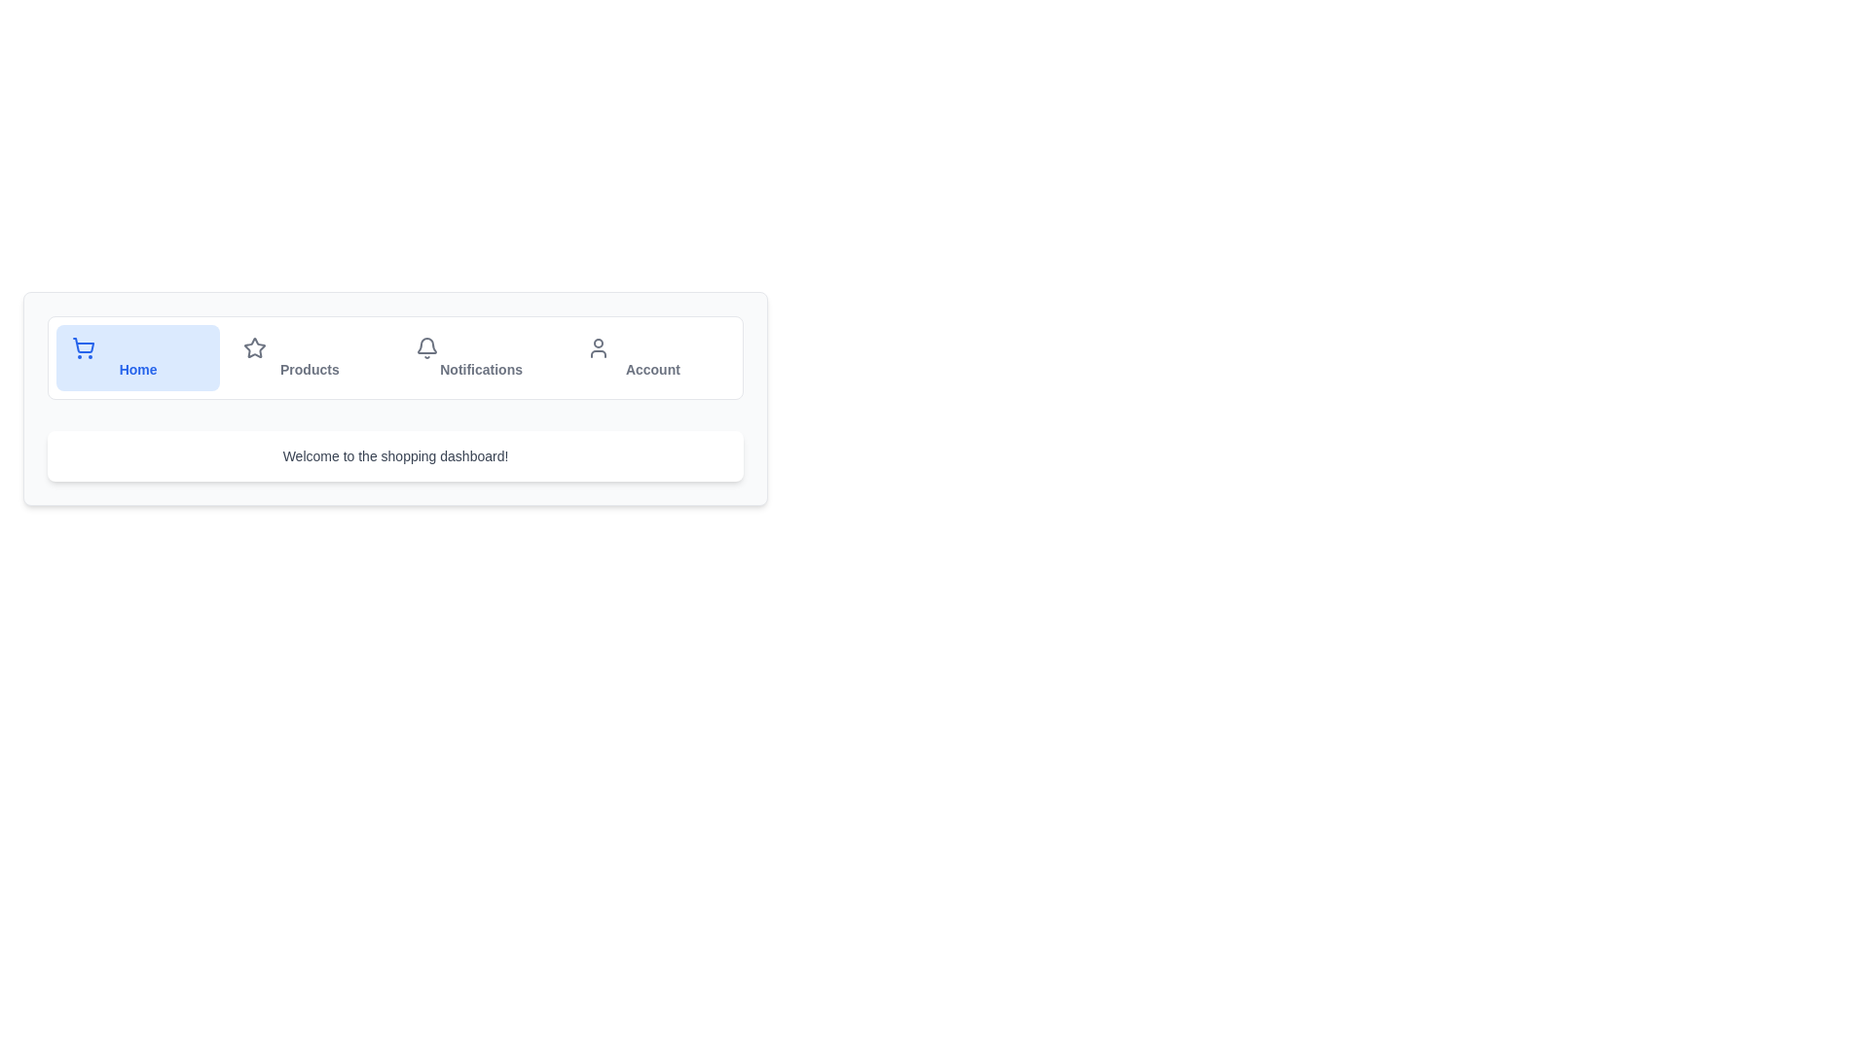  I want to click on the 'Home' button located on the leftmost side of the horizontal list, so click(137, 357).